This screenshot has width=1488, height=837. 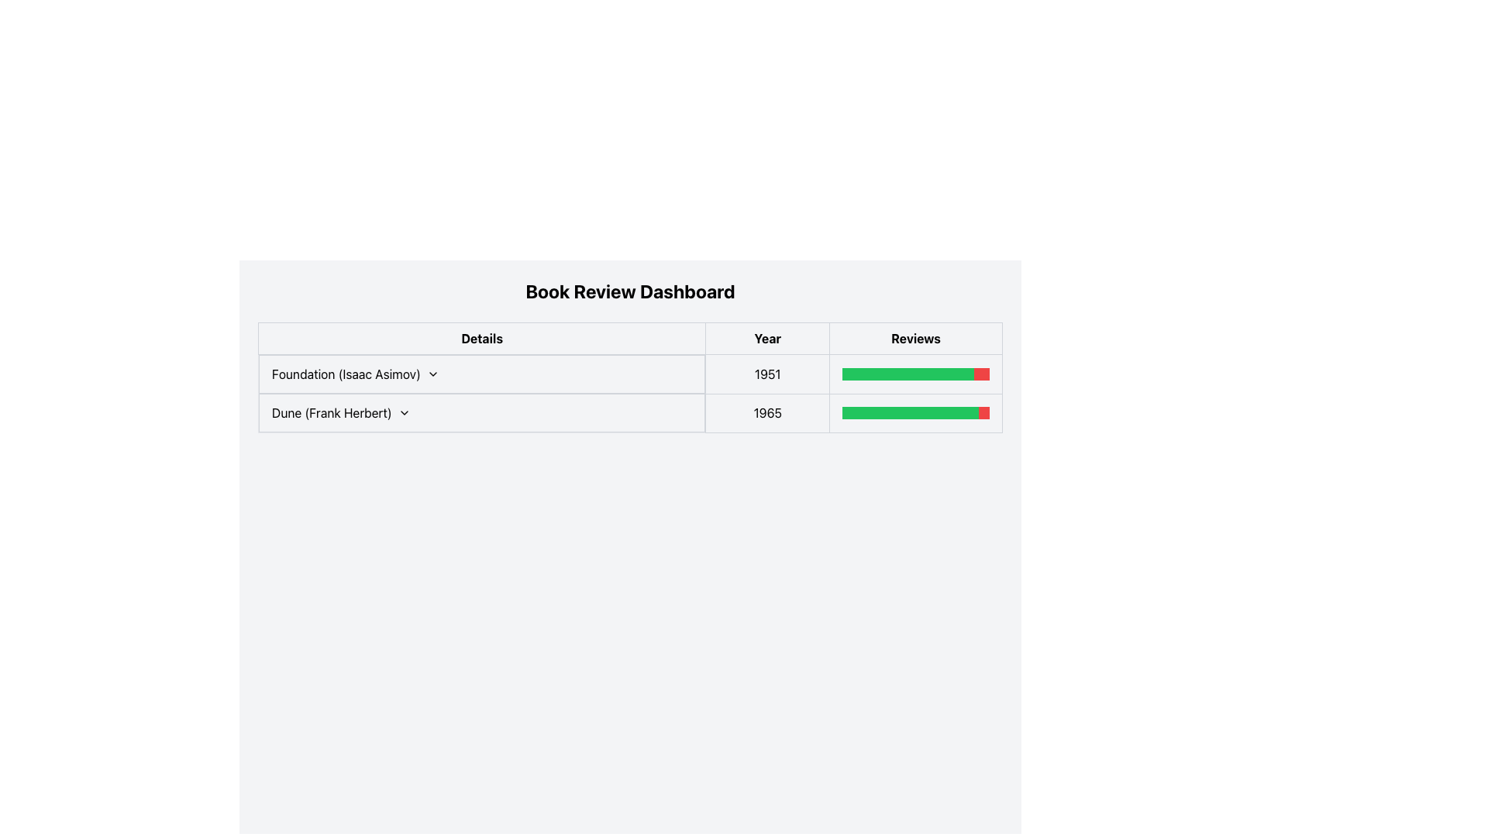 What do you see at coordinates (916, 412) in the screenshot?
I see `the progress bar in the 'Reviews' column of the second row representing the reviews for the book 'Dune' by Frank Herbert` at bounding box center [916, 412].